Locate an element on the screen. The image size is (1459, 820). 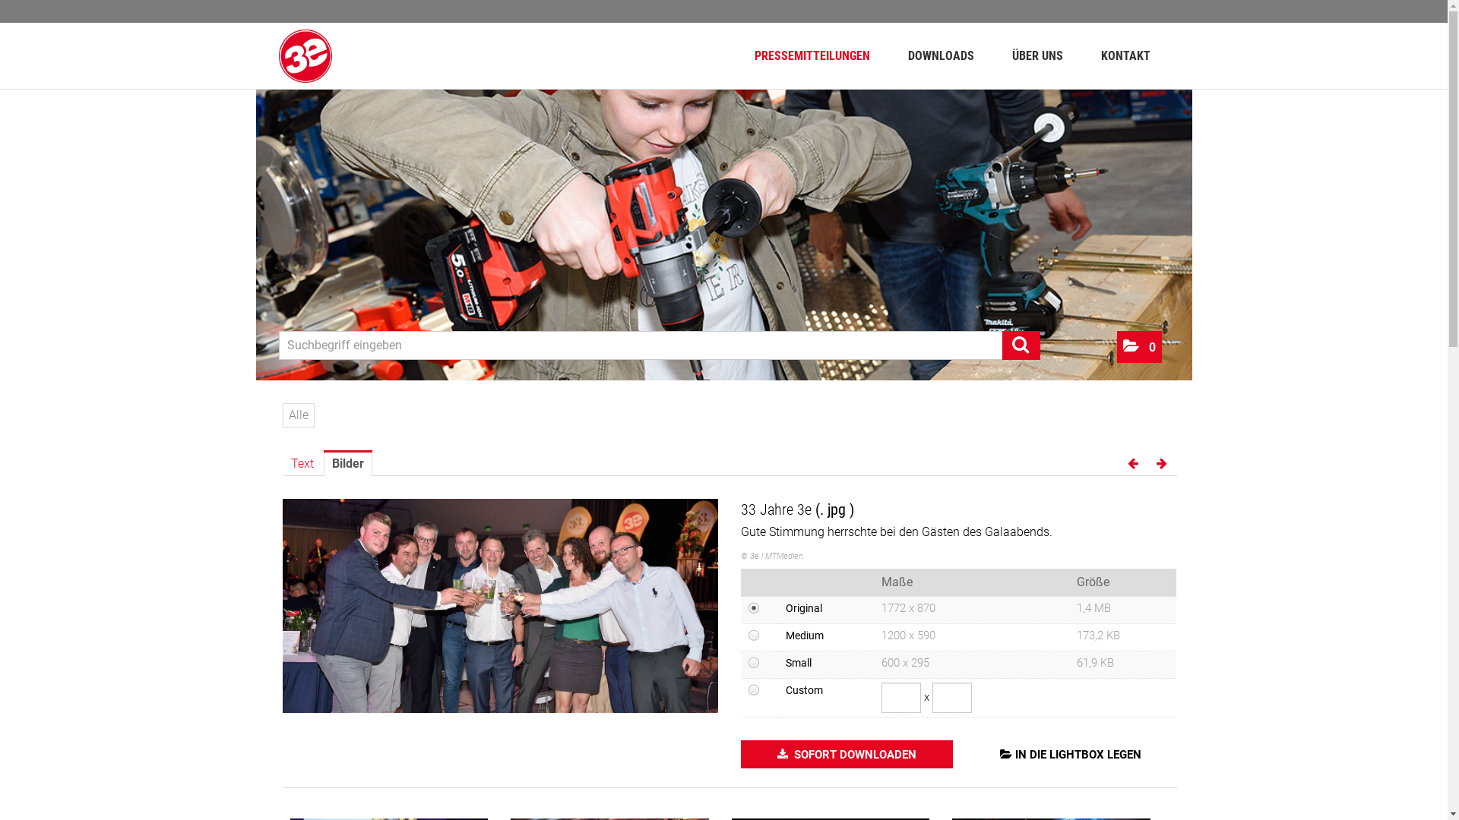
'DOWNLOADS' is located at coordinates (940, 55).